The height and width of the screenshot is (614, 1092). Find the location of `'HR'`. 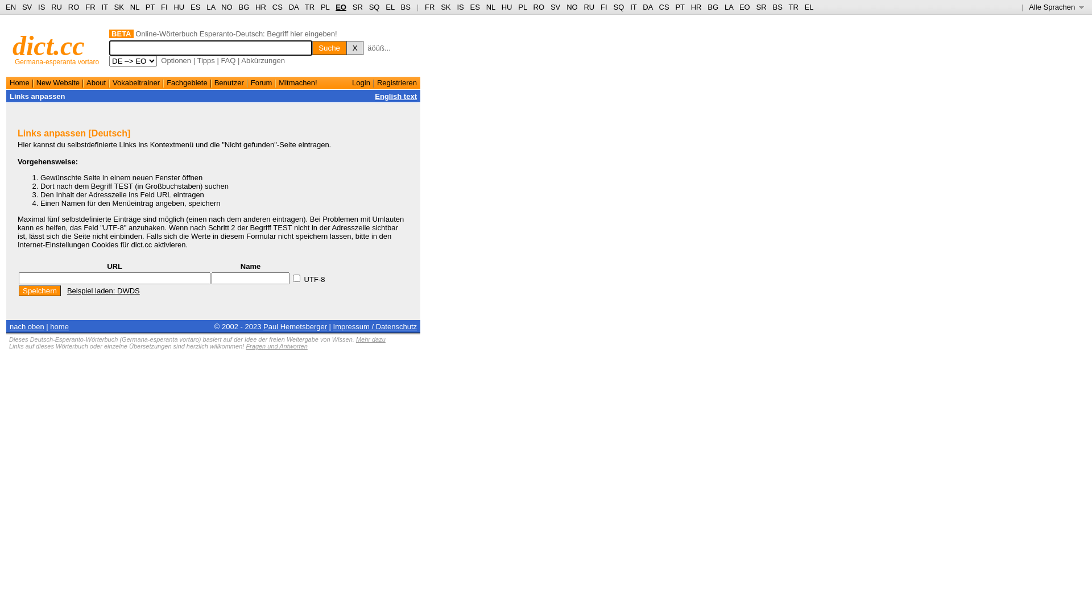

'HR' is located at coordinates (260, 7).